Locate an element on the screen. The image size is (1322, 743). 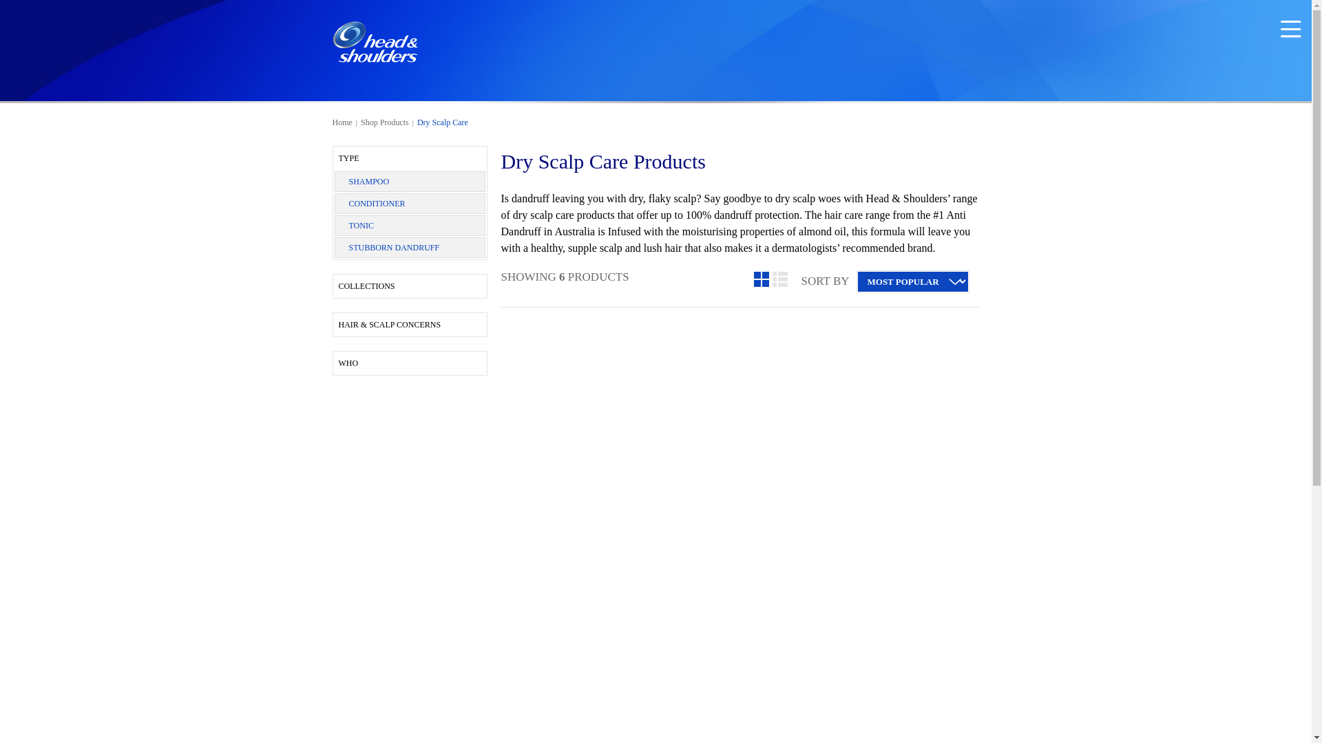
'CONDITIONER' is located at coordinates (377, 204).